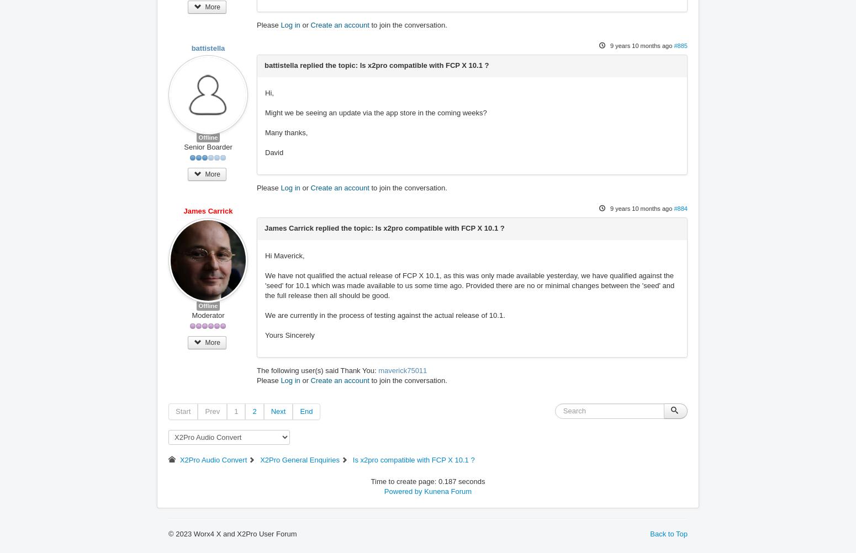 The image size is (856, 553). Describe the element at coordinates (680, 45) in the screenshot. I see `'#885'` at that location.